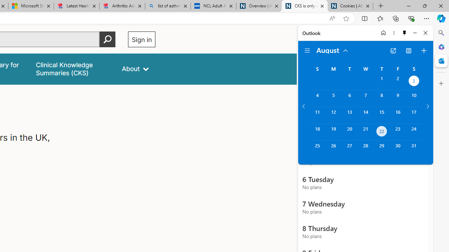  I want to click on 'Saturday, August 24, 2024. ', so click(414, 132).